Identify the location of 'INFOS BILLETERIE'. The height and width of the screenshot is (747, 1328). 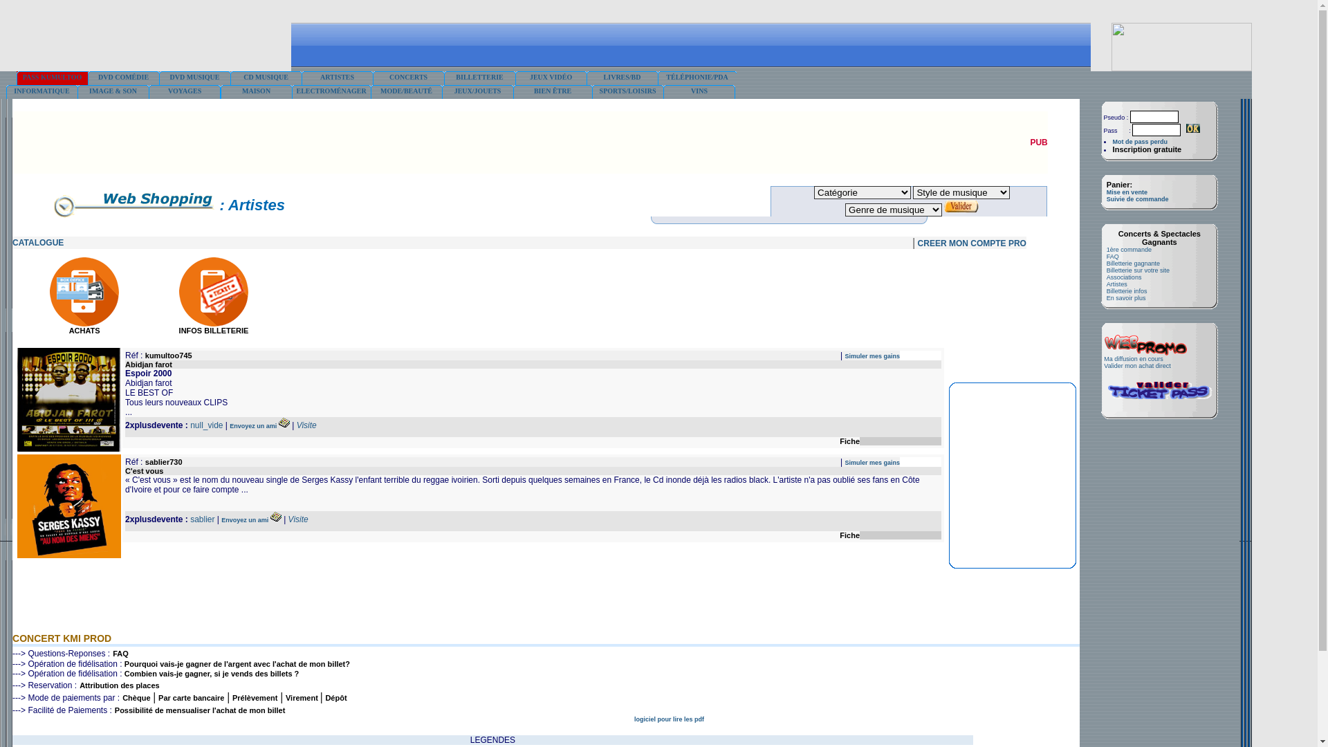
(213, 327).